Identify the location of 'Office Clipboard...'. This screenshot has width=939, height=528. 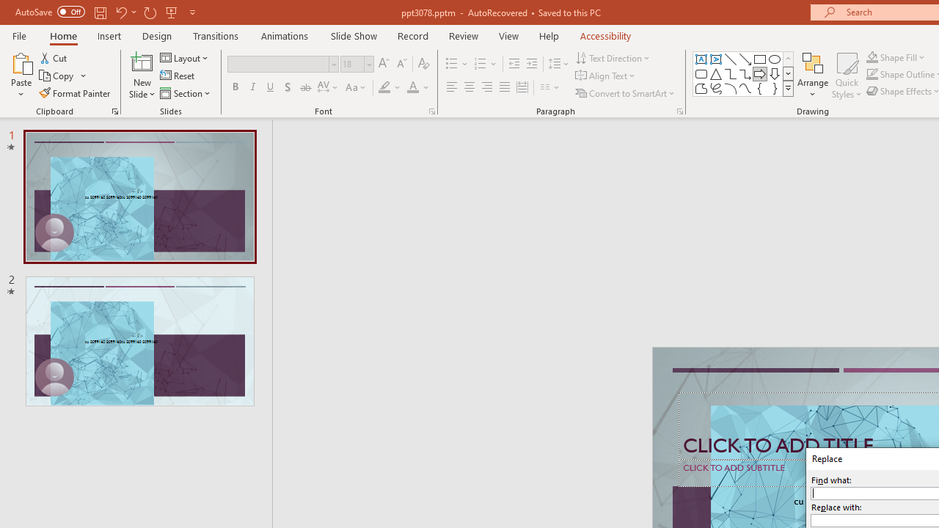
(114, 110).